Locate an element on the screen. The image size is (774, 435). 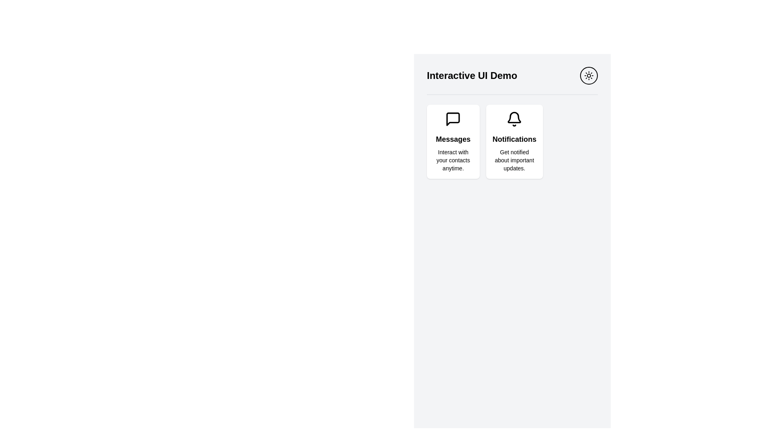
the 'Messages' icon graphic indicator located at the center of the first card in a horizontal pair of cards, positioned below the main heading 'Interactive UI Demo' is located at coordinates (453, 119).